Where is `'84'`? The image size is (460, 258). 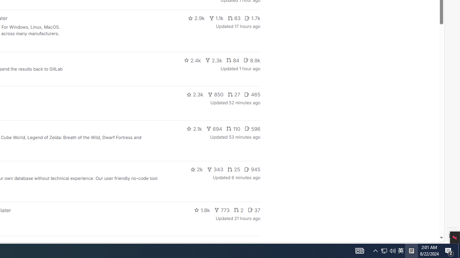 '84' is located at coordinates (233, 60).